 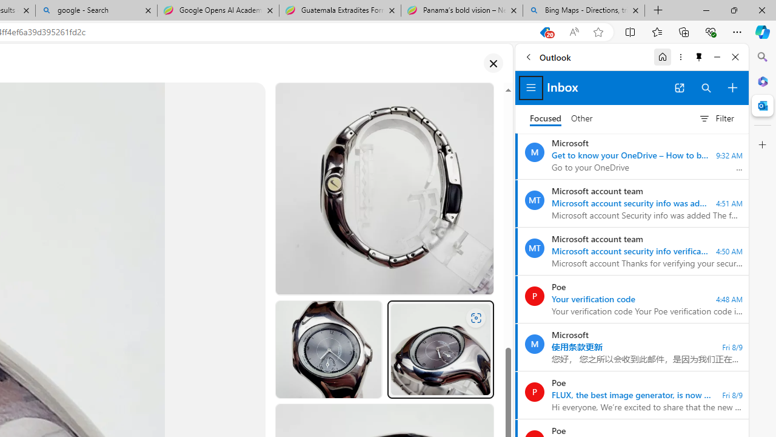 I want to click on 'Filter', so click(x=716, y=118).